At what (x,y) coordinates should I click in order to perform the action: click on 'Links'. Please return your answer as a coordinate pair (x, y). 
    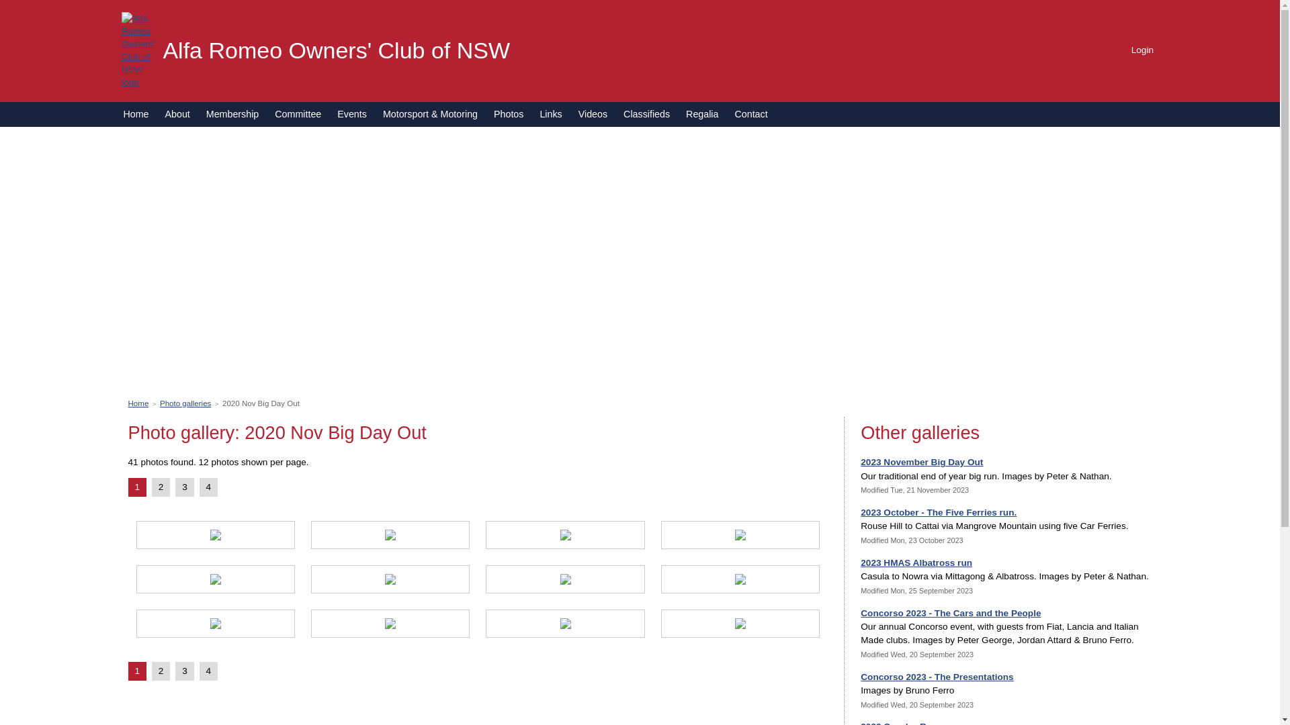
    Looking at the image, I should click on (550, 113).